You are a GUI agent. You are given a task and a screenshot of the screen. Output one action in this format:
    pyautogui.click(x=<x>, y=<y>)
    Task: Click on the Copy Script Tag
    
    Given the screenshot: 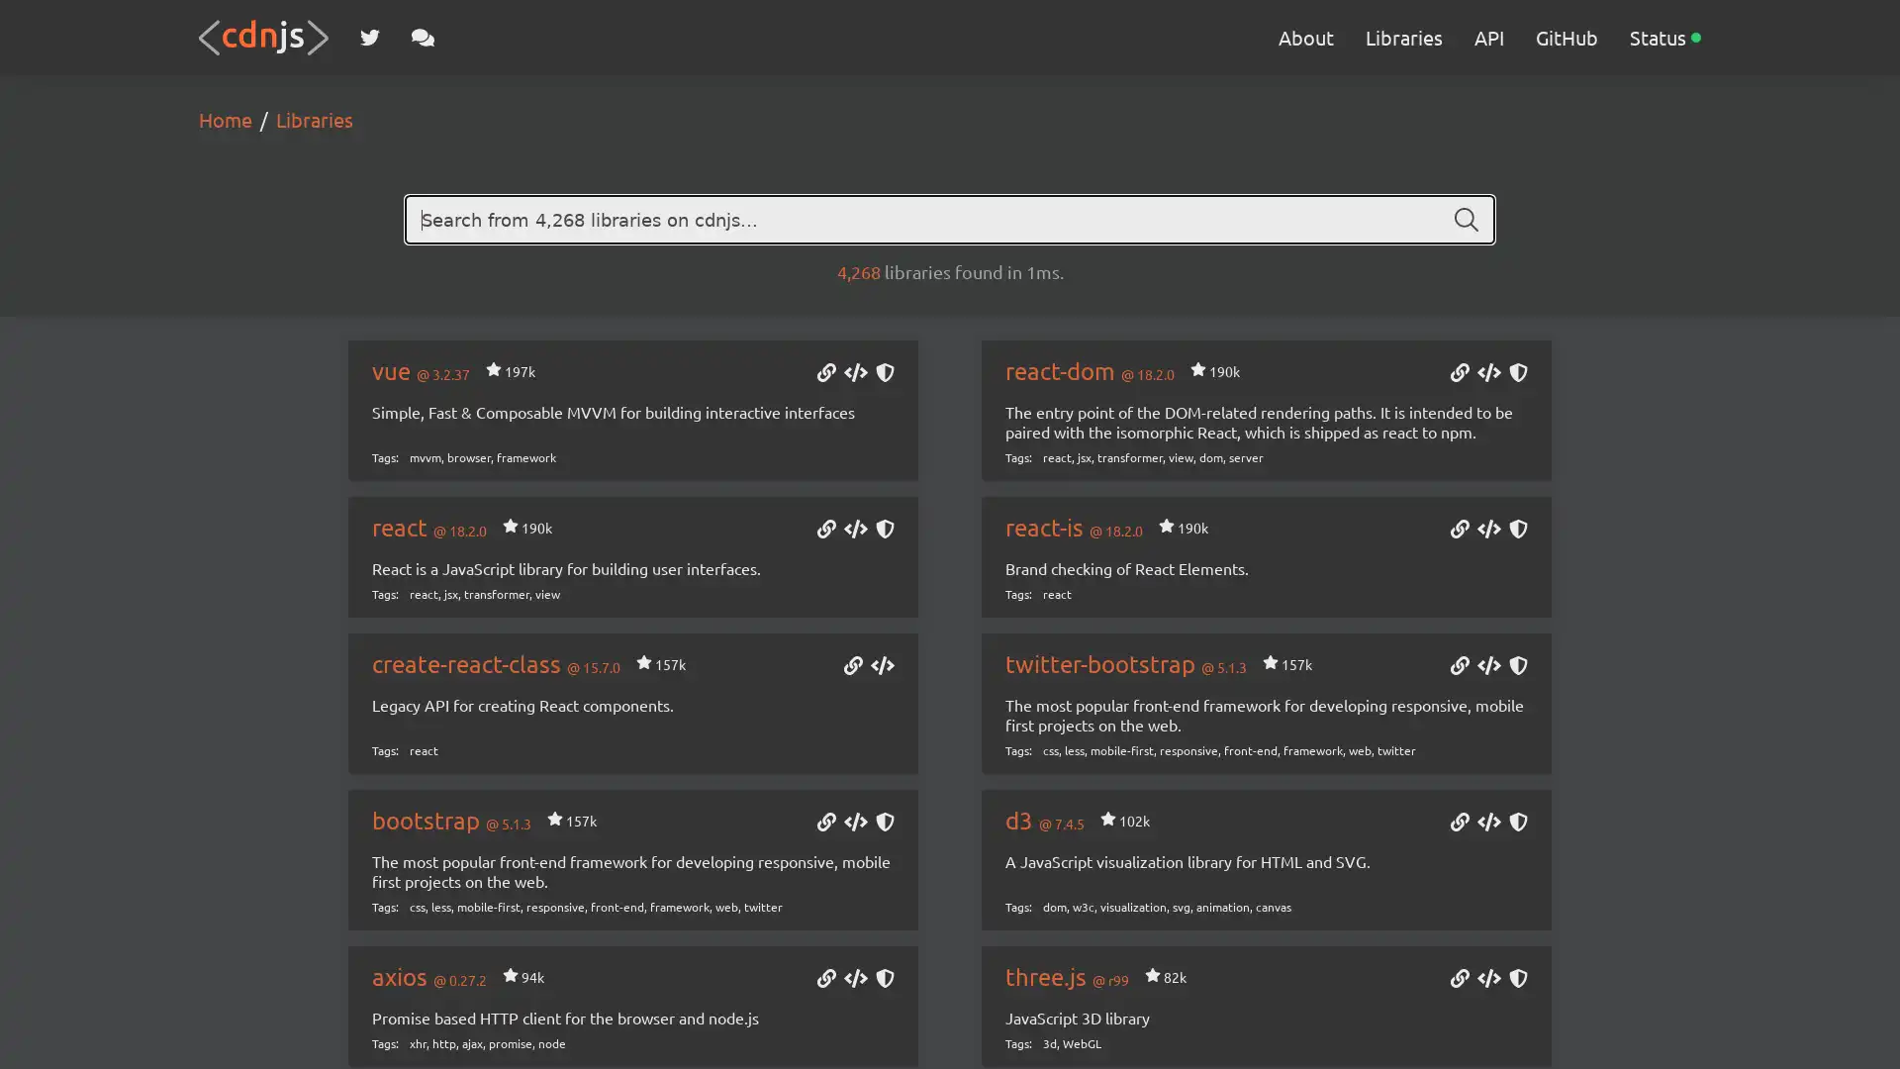 What is the action you would take?
    pyautogui.click(x=855, y=530)
    